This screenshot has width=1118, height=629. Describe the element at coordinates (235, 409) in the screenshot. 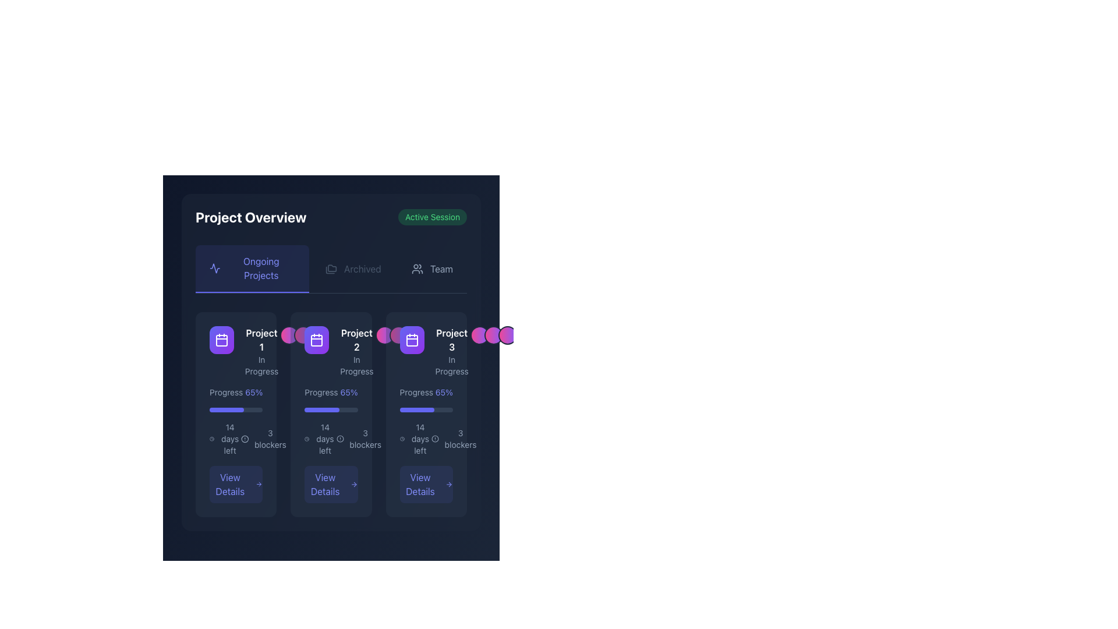

I see `the progress bar indicating 65% completion located beneath the text 'Progress 65%' in Project 1's card` at that location.